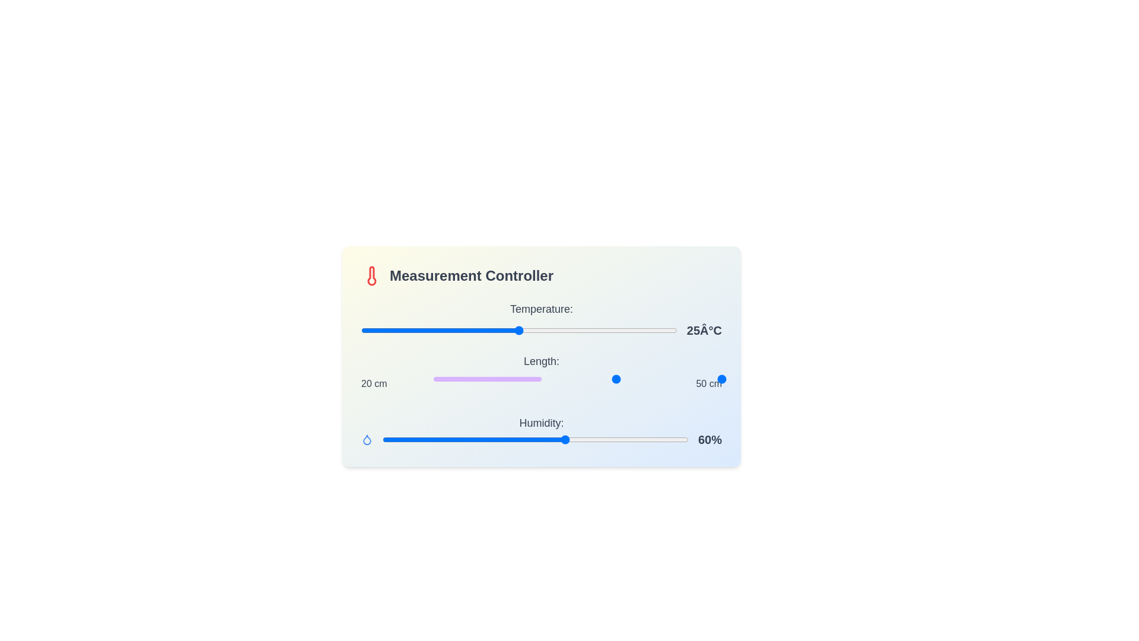 This screenshot has height=641, width=1139. Describe the element at coordinates (704, 330) in the screenshot. I see `the static text label displaying '25Â°C', which is bold and dark gray, located to the right of the temperature slider` at that location.